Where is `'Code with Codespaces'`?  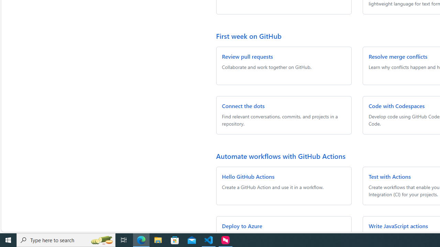 'Code with Codespaces' is located at coordinates (397, 106).